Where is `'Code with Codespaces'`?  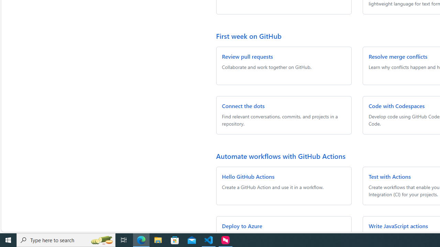 'Code with Codespaces' is located at coordinates (397, 106).